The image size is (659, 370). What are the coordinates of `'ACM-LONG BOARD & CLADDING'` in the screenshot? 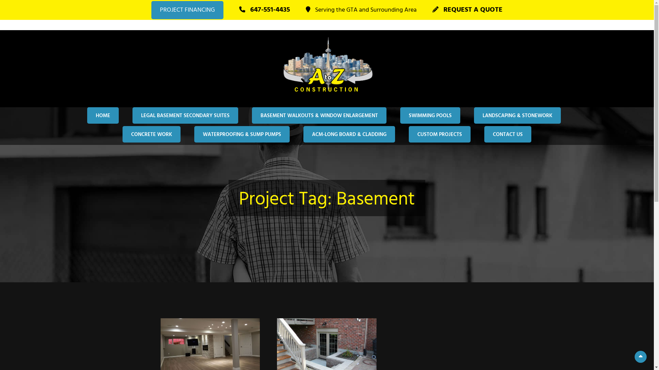 It's located at (349, 134).